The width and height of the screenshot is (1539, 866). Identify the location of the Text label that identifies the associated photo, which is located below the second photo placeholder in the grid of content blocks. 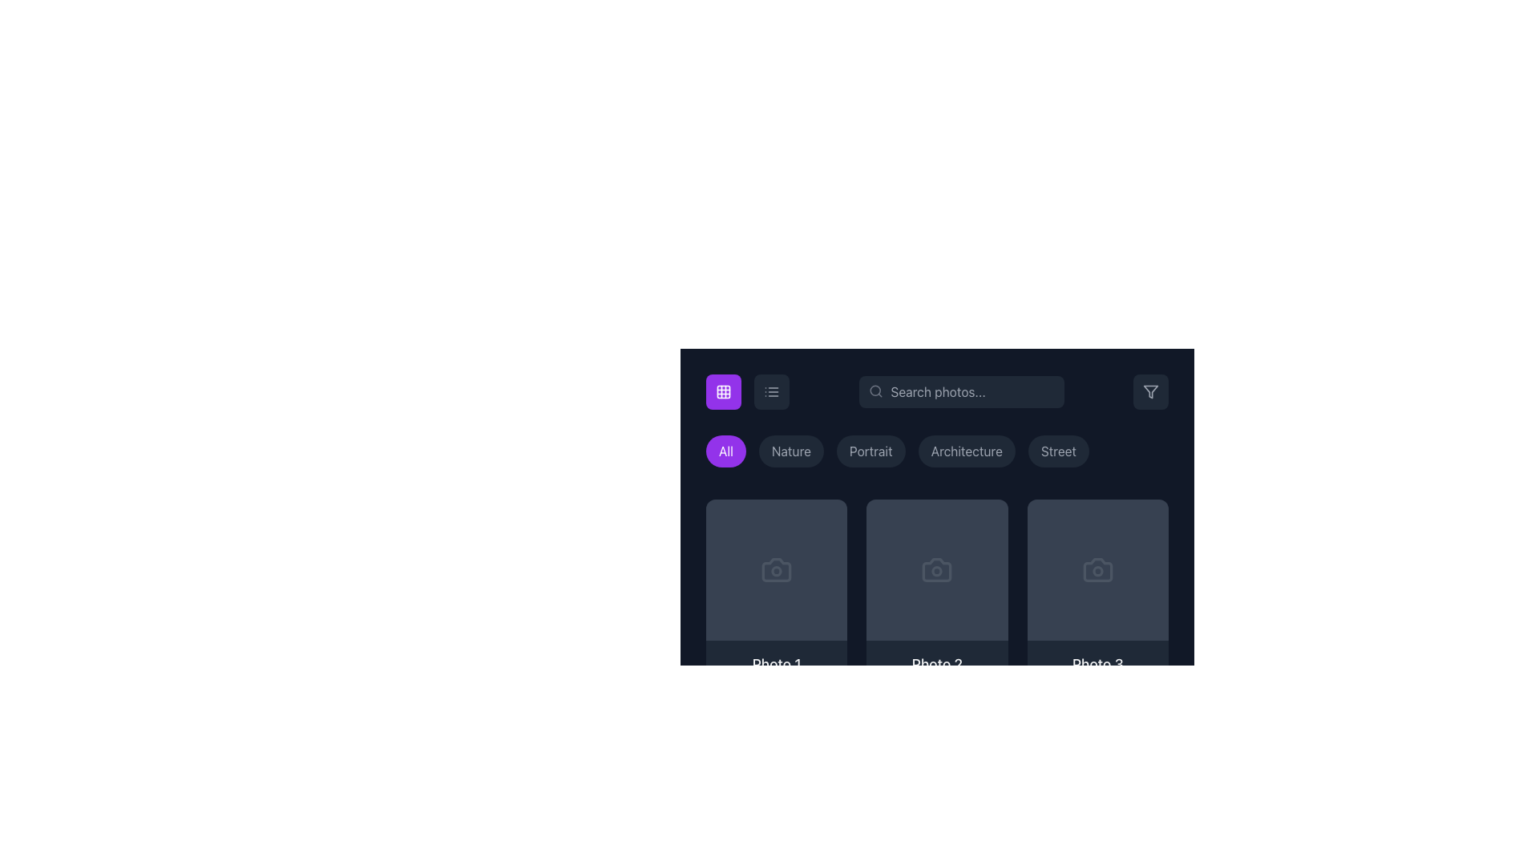
(937, 665).